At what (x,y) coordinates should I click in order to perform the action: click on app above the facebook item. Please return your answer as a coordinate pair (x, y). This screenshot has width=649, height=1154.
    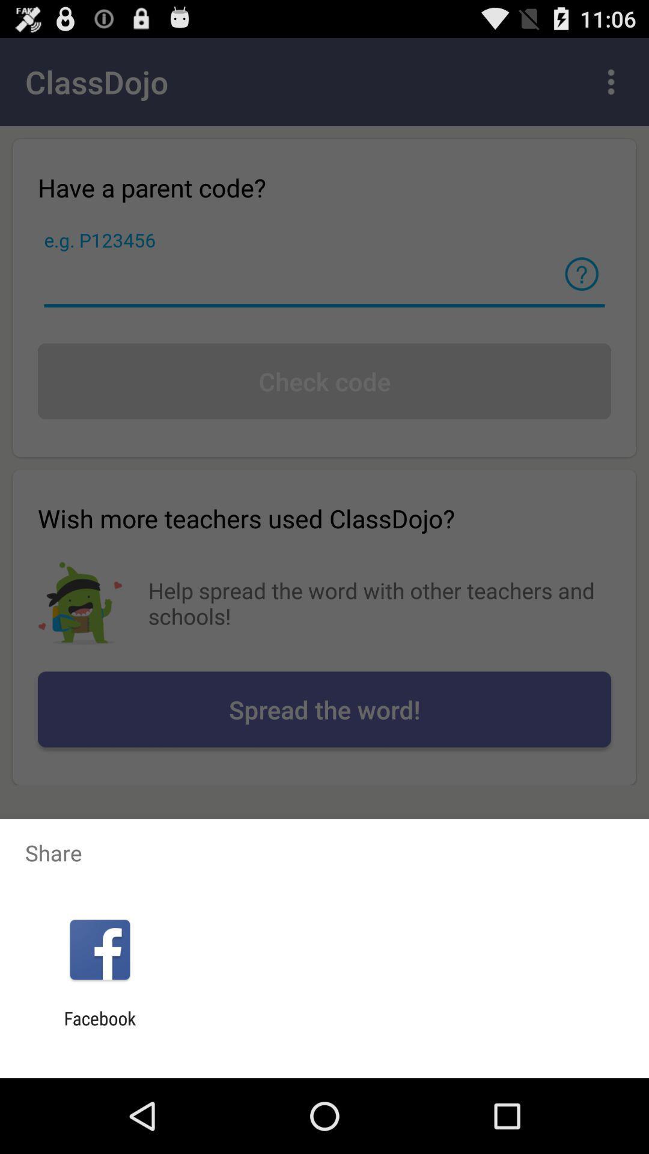
    Looking at the image, I should click on (99, 949).